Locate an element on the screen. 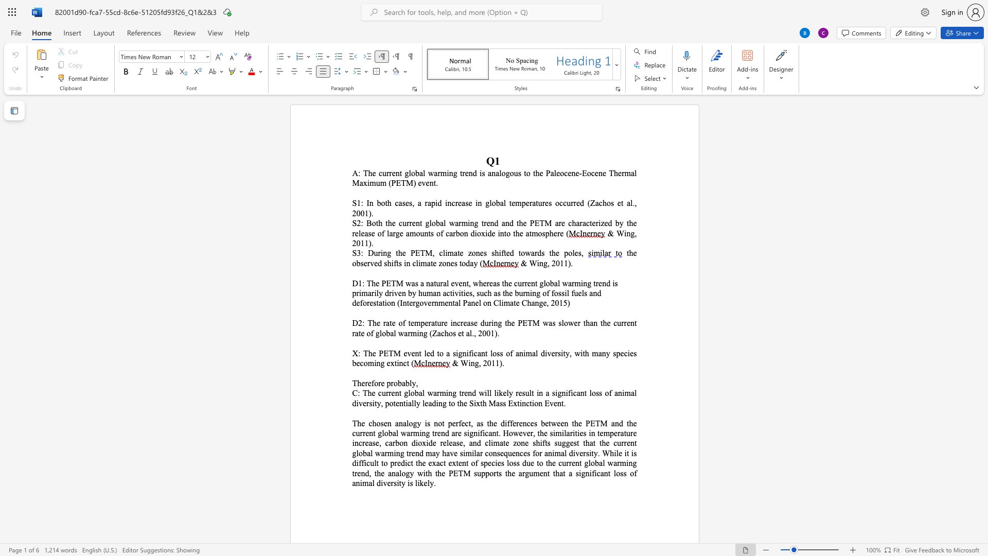 The image size is (988, 556). the space between the continuous character "n" and "g" in the text is located at coordinates (426, 433).